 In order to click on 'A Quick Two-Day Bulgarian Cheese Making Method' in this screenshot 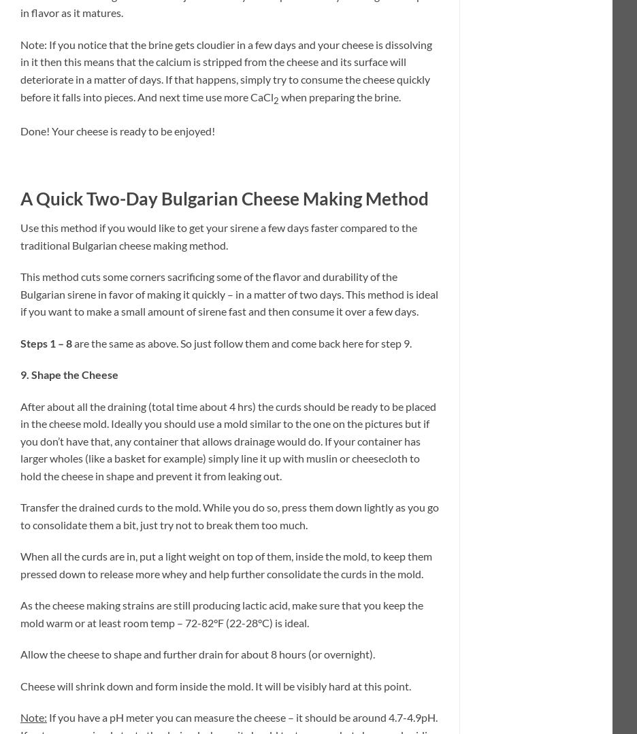, I will do `click(20, 197)`.